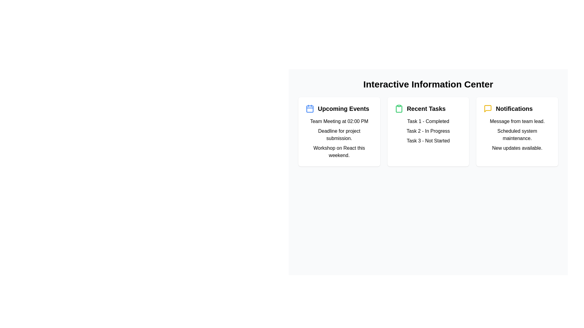 This screenshot has height=328, width=584. Describe the element at coordinates (428, 141) in the screenshot. I see `the informative text label displaying the status of 'Task 3' which is marked as not started, located in the 'Recent Tasks' section of the vertical task list` at that location.